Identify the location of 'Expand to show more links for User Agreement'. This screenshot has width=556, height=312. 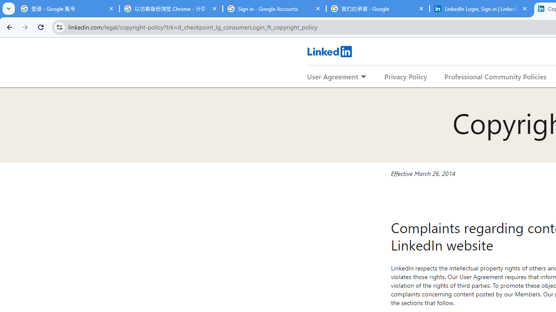
(363, 77).